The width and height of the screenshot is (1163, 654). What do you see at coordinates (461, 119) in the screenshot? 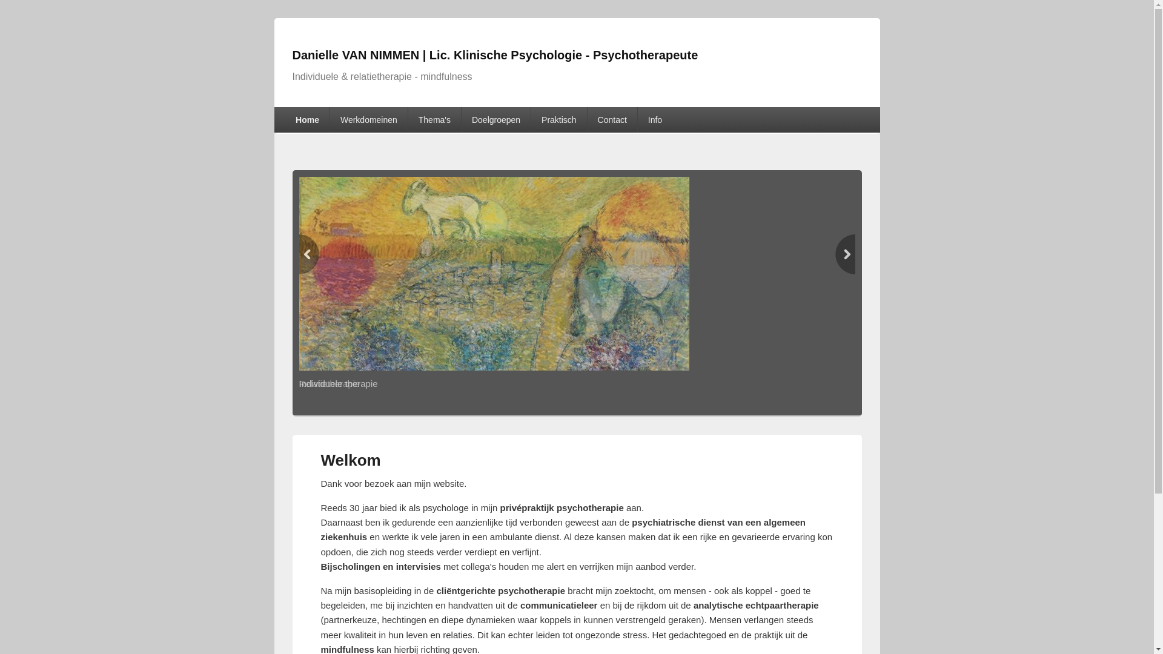
I see `'Doelgroepen'` at bounding box center [461, 119].